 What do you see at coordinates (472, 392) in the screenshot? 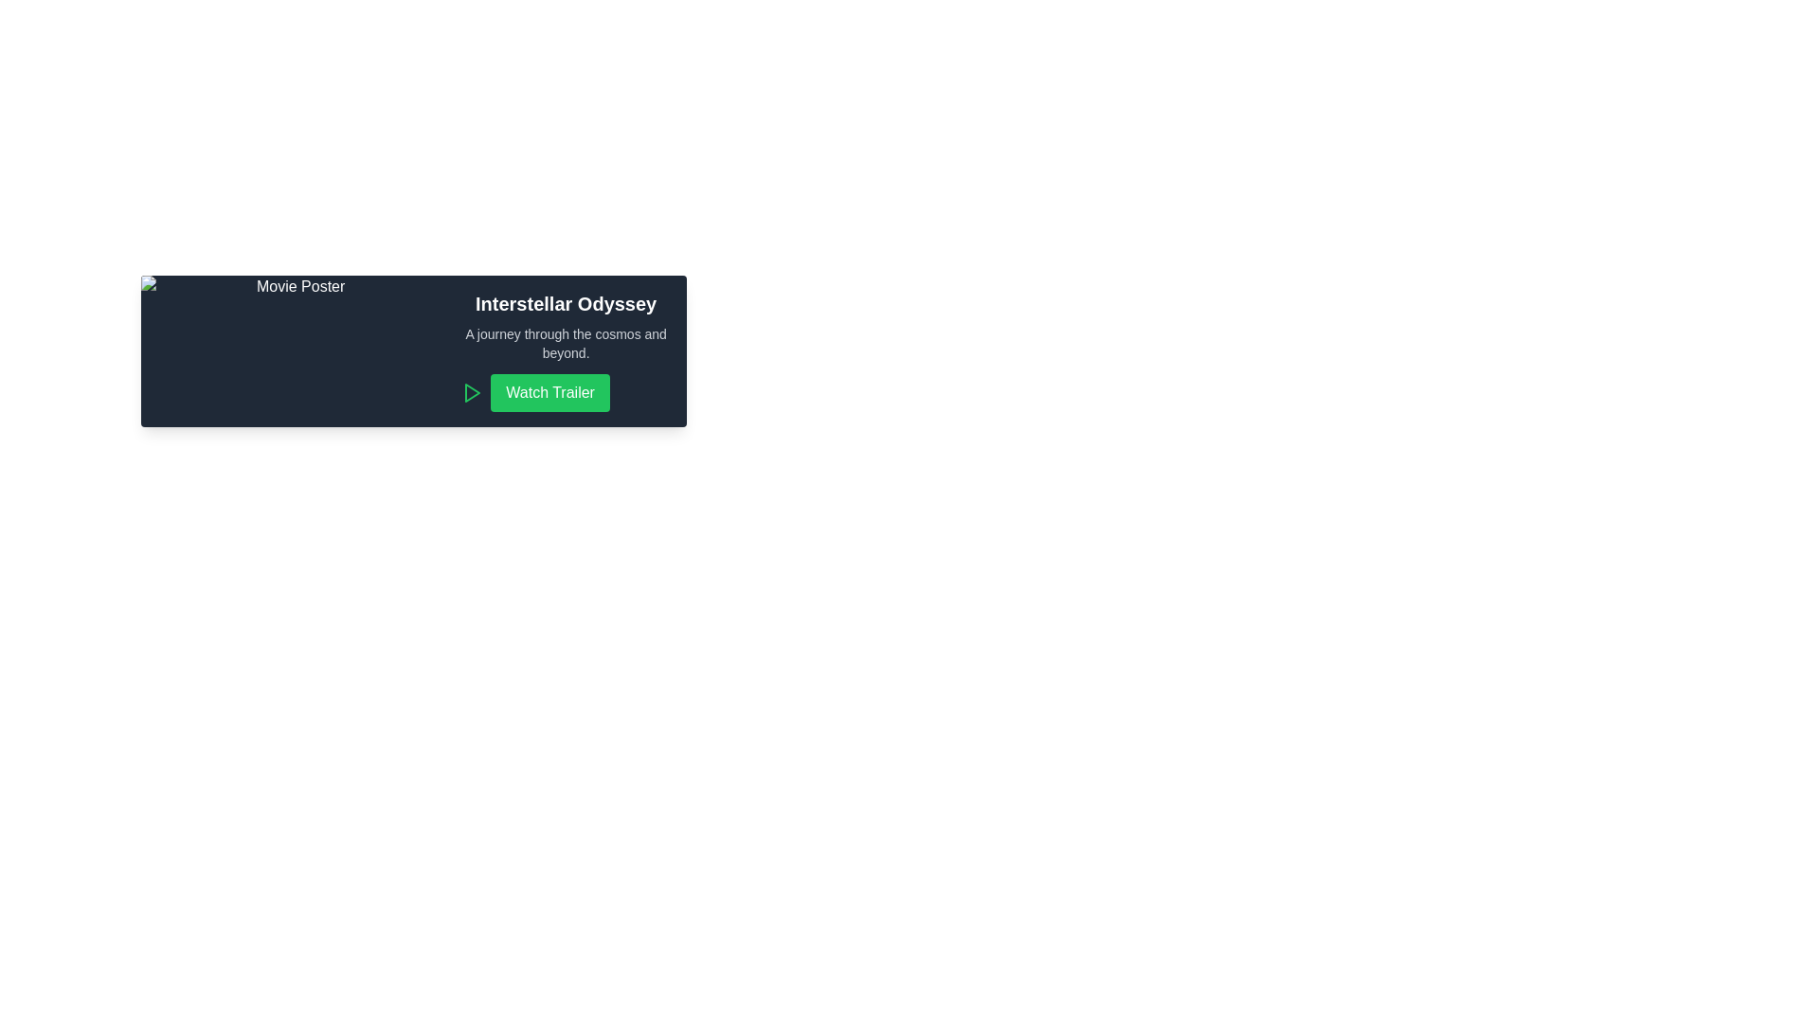
I see `the play icon located immediately to the left of the 'Watch Trailer' green button to initiate the play action` at bounding box center [472, 392].